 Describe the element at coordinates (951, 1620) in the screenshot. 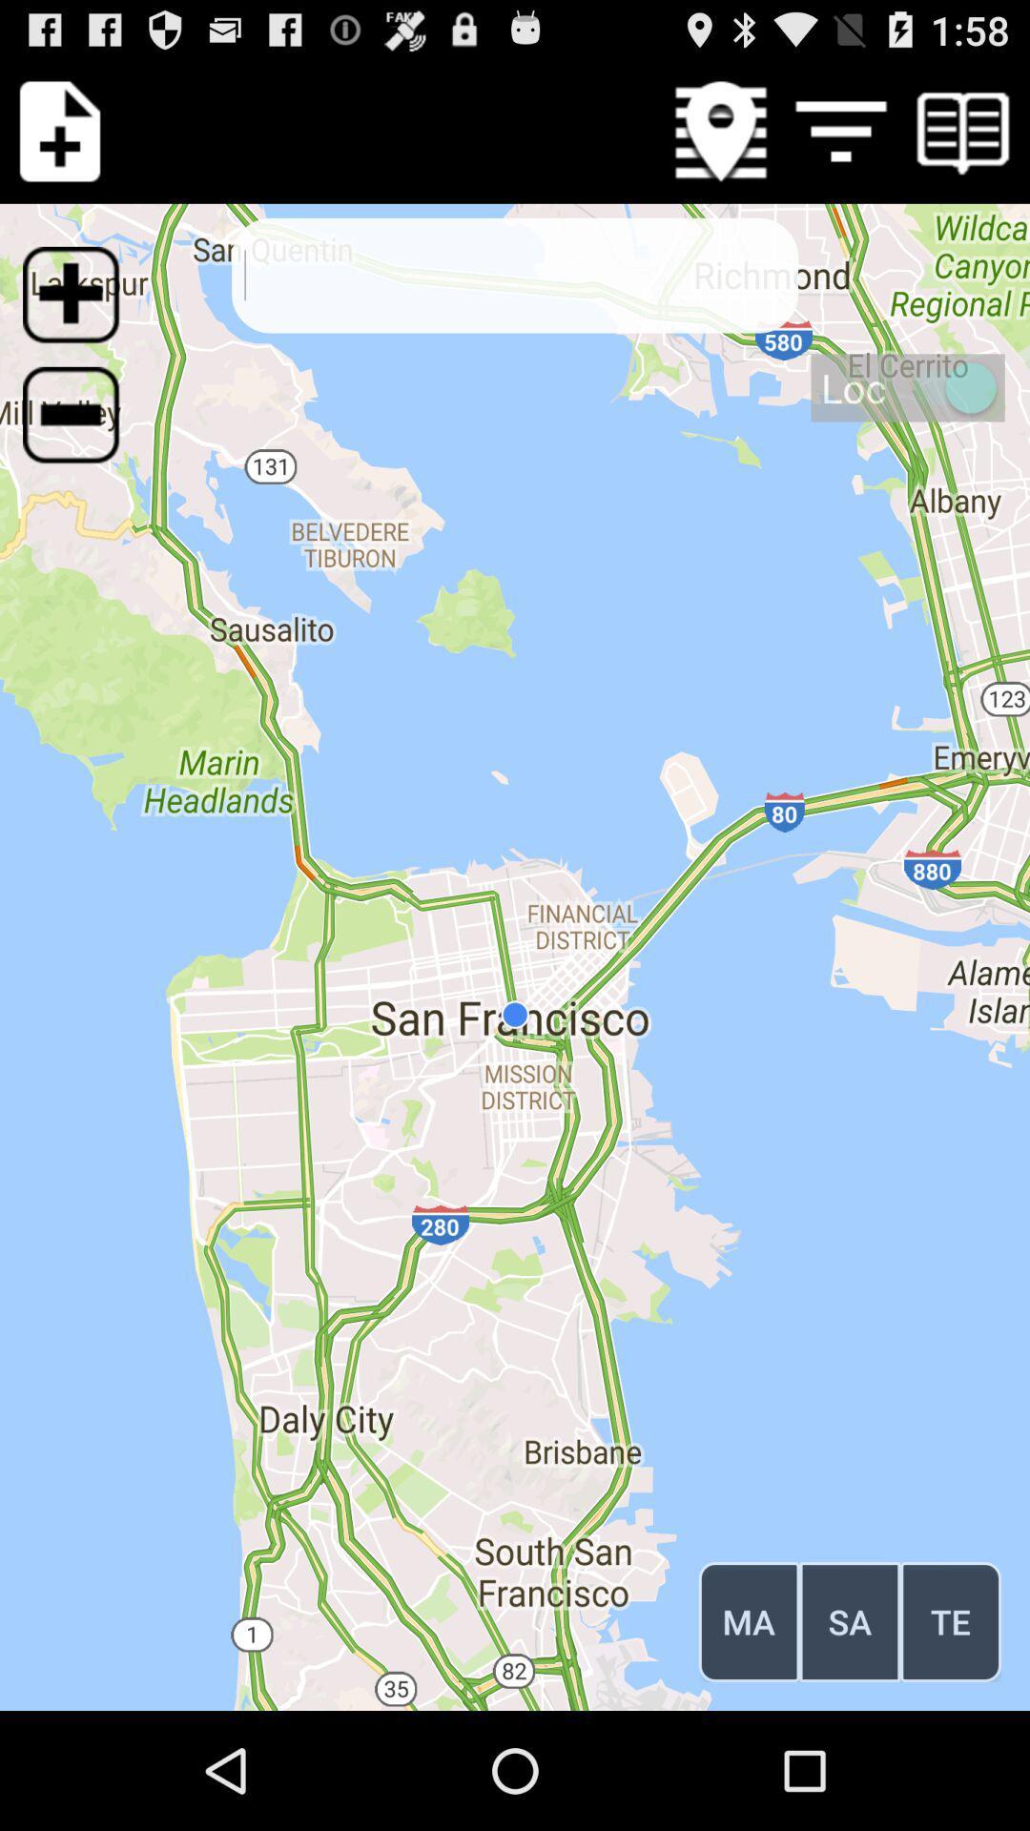

I see `te` at that location.